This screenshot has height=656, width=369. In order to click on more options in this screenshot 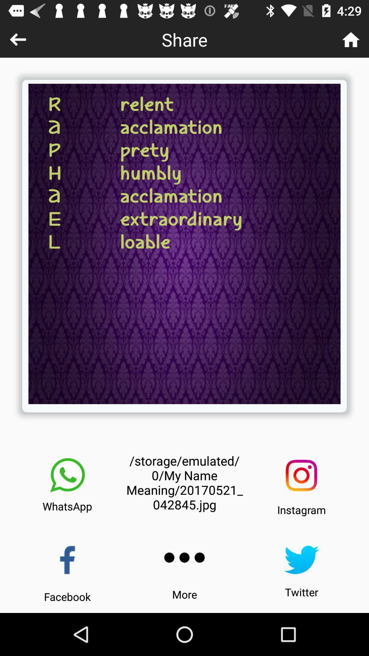, I will do `click(184, 558)`.